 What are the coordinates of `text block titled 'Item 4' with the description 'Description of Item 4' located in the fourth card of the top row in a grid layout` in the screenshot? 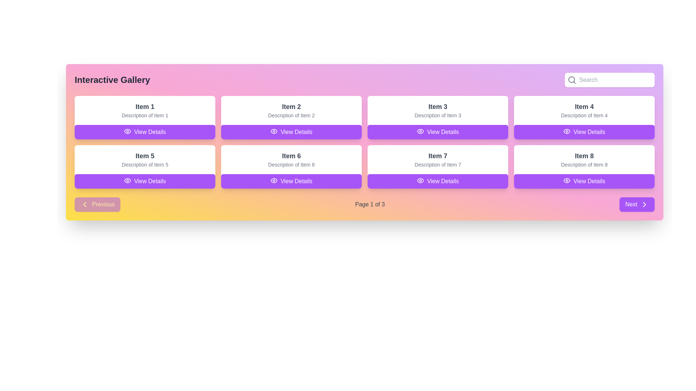 It's located at (584, 110).